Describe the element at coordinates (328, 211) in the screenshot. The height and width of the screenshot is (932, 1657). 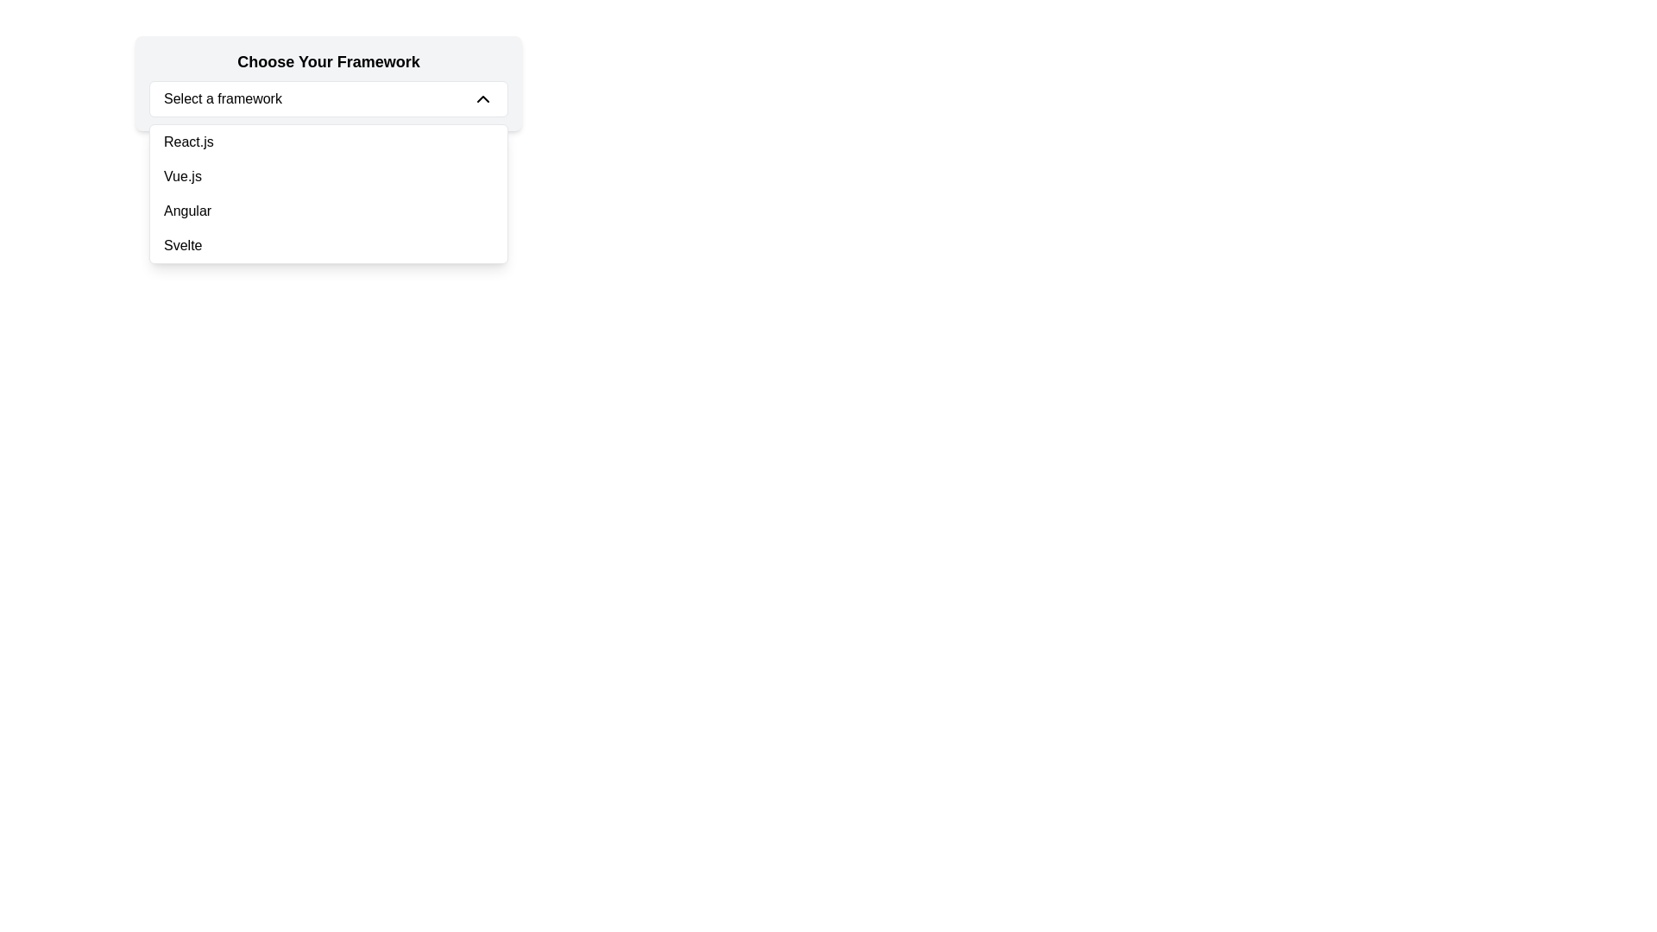
I see `the 'Angular' dropdown menu item` at that location.